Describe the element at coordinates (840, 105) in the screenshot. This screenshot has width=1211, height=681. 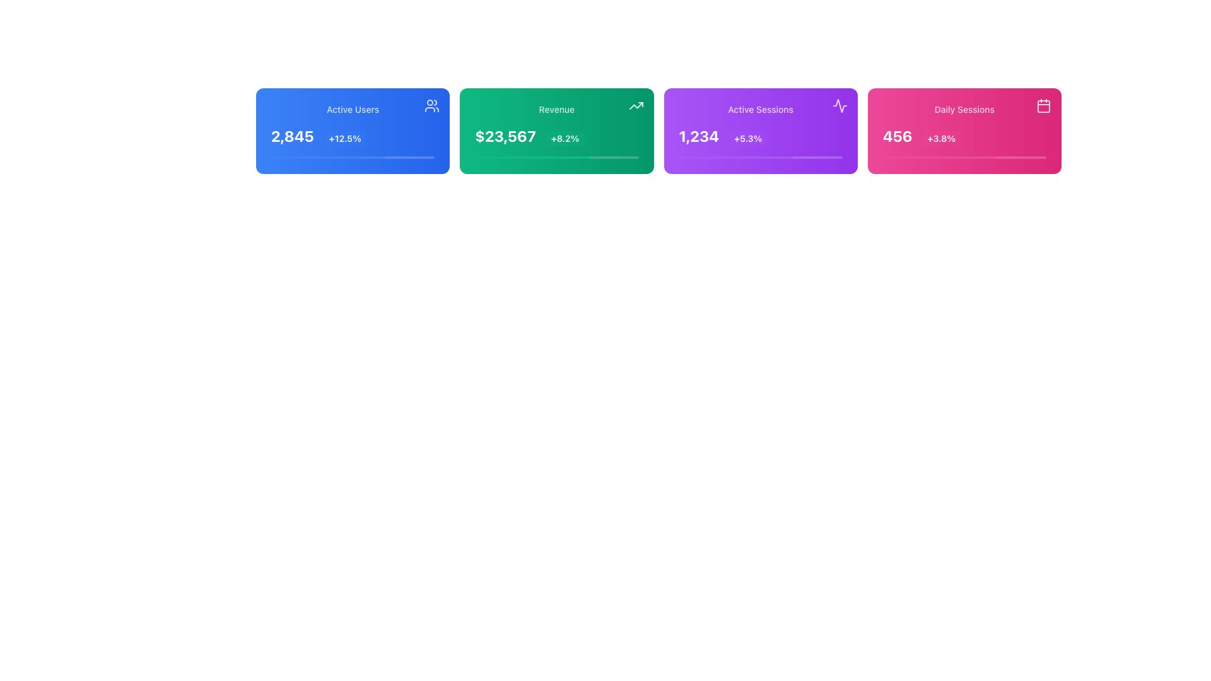
I see `the activity indicator icon located at the top-right corner of the 'Active Sessions' card` at that location.